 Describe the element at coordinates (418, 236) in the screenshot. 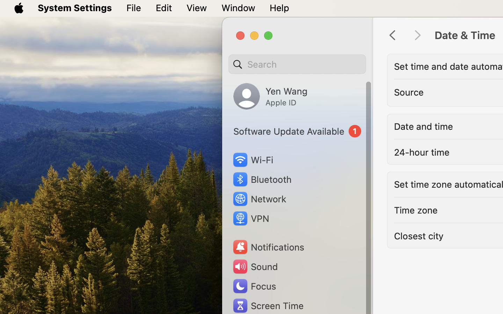

I see `'Closest city'` at that location.